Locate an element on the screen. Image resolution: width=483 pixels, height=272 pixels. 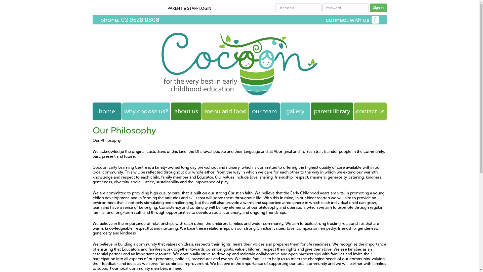
'gallery' is located at coordinates (295, 111).